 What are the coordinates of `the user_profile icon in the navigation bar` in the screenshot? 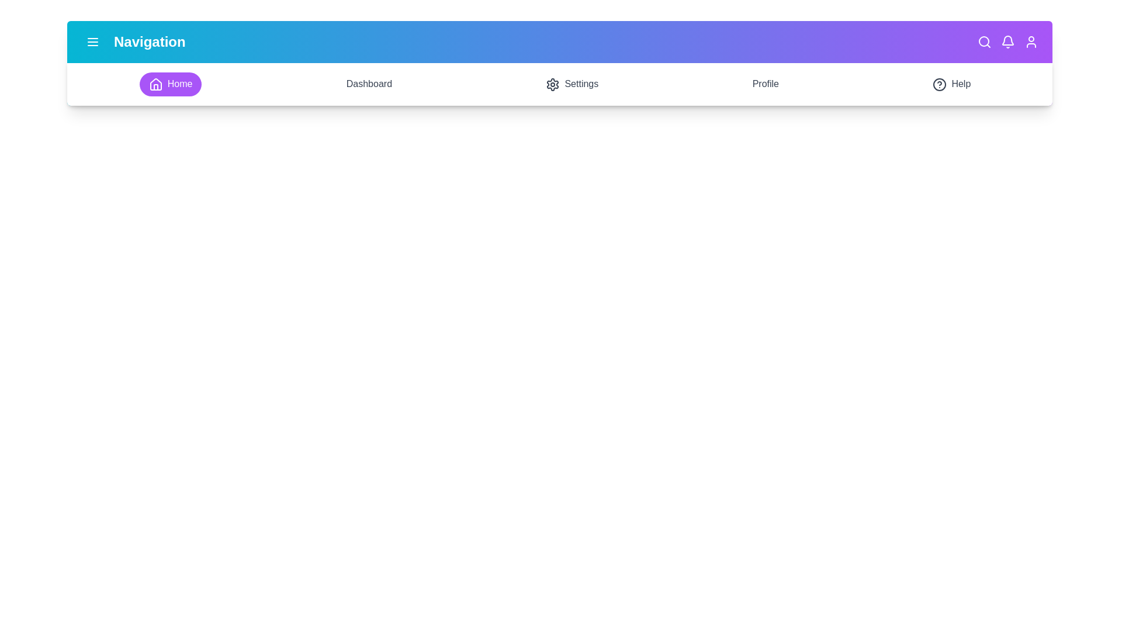 It's located at (1031, 41).